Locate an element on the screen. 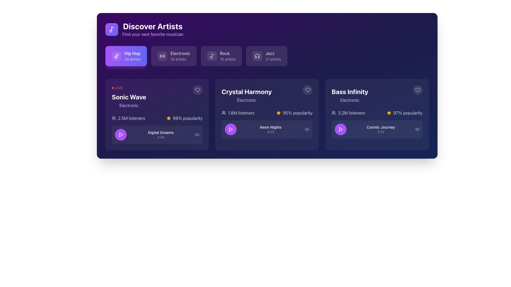  the Text Label that displays the name of the digital content item within the 'Sonic Wave' card in the 'Discover Artists' section, located just below the main title and above the smaller text '3:45' is located at coordinates (160, 132).